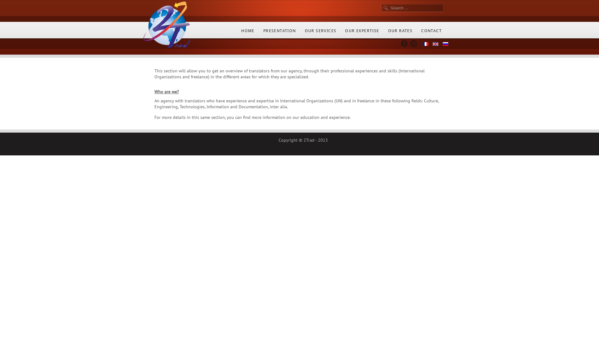  I want to click on 'OUR EXPERTISE', so click(341, 32).